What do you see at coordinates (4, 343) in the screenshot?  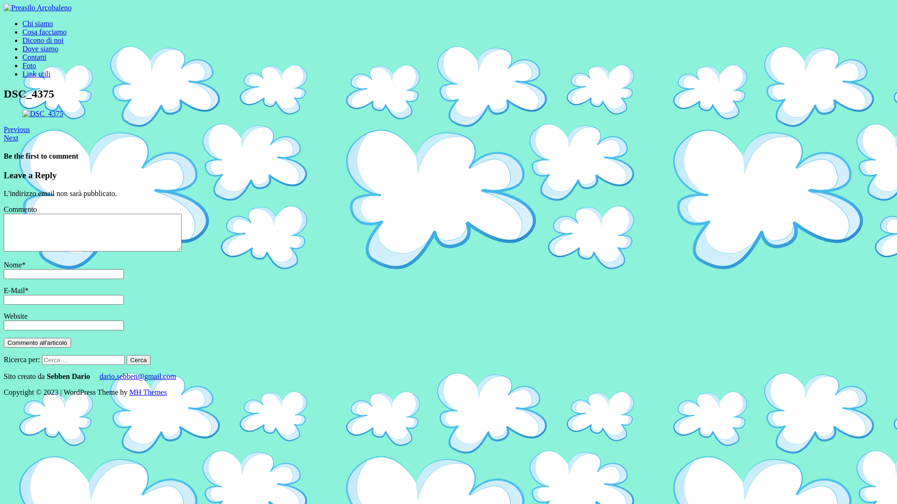 I see `'Commento all'articolo'` at bounding box center [4, 343].